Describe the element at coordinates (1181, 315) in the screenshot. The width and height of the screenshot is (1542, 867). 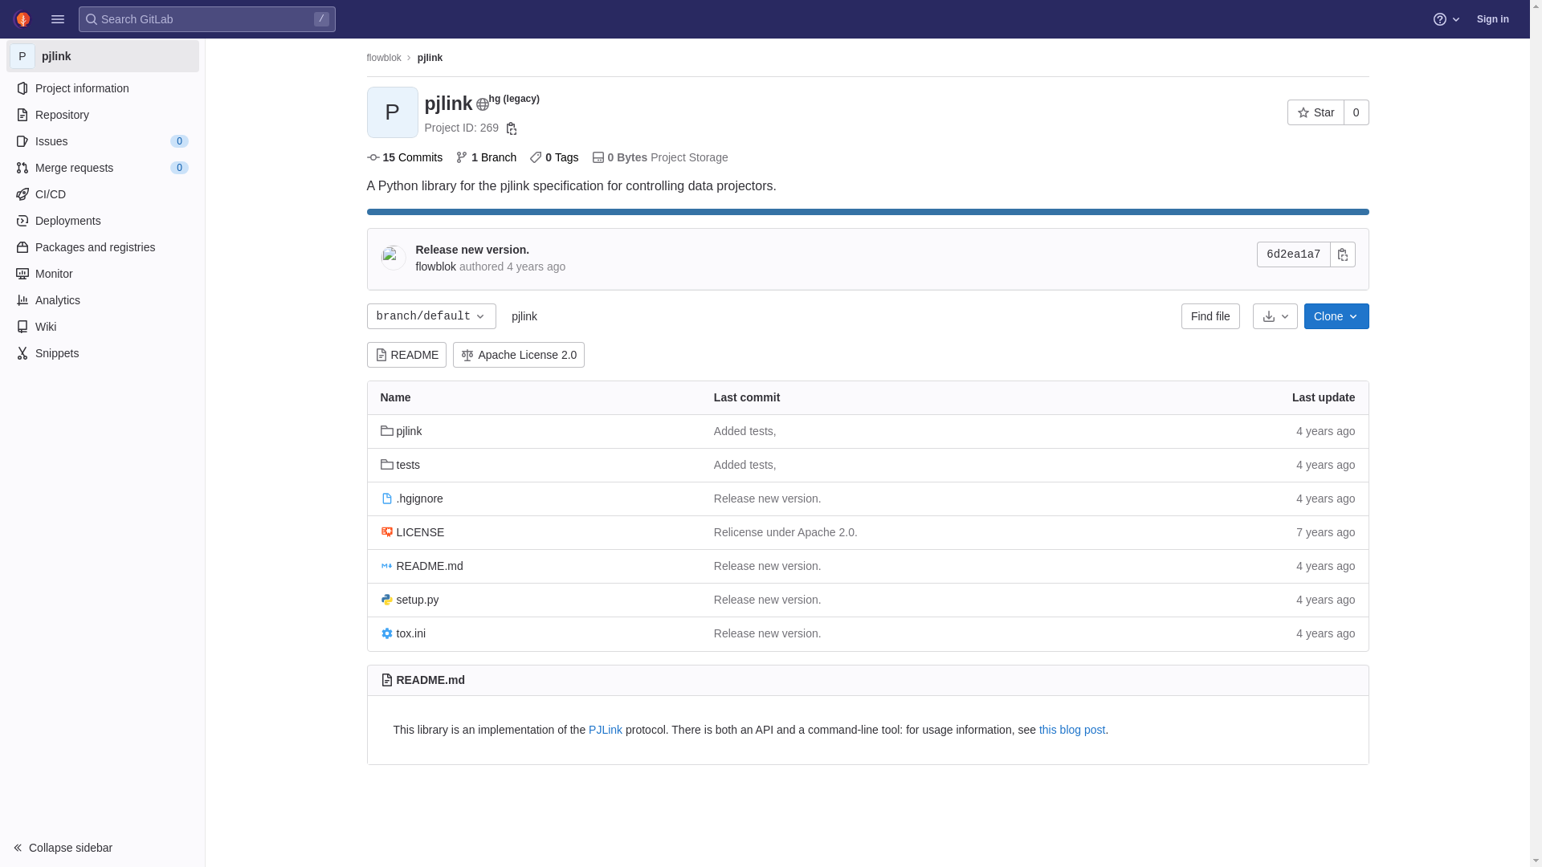
I see `'Find file'` at that location.